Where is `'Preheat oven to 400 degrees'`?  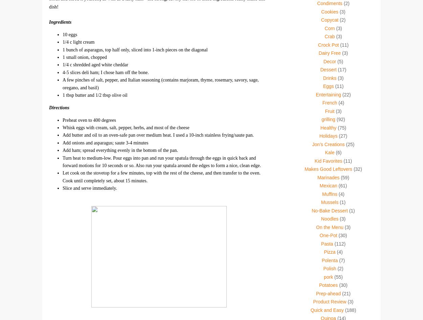 'Preheat oven to 400 degrees' is located at coordinates (63, 120).